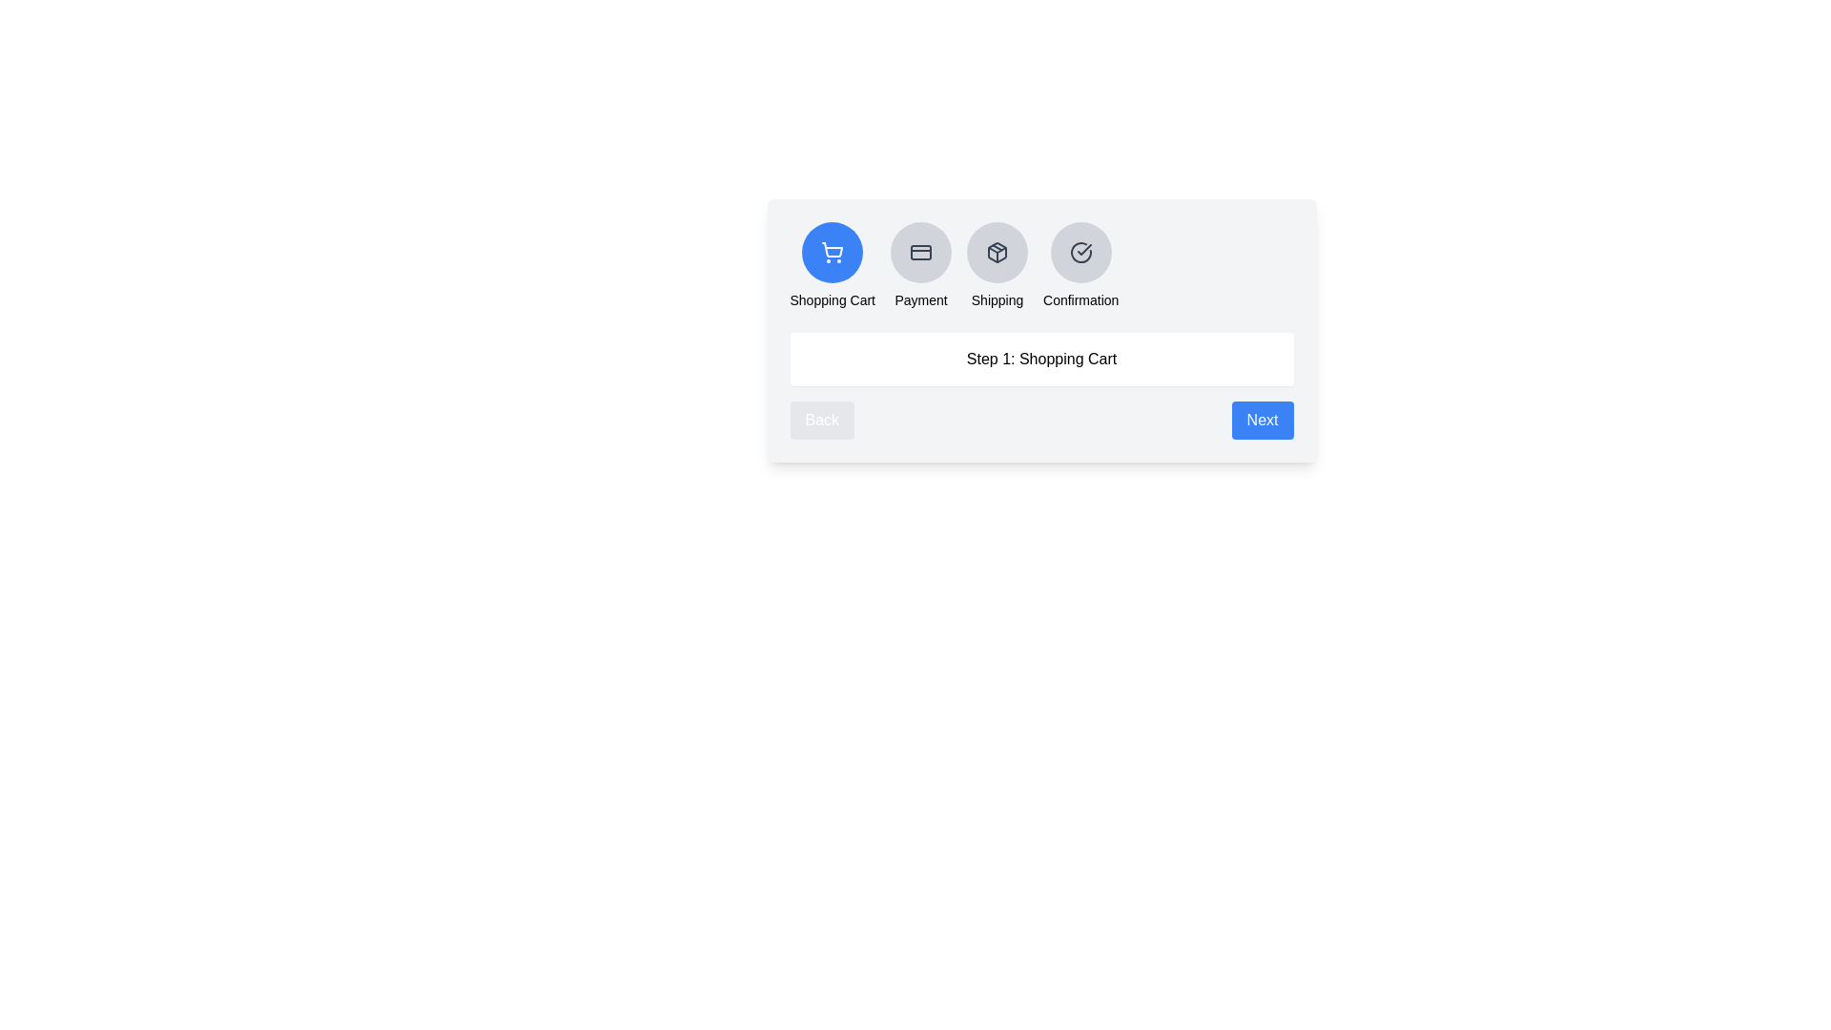 The height and width of the screenshot is (1030, 1831). What do you see at coordinates (997, 252) in the screenshot?
I see `the step icon corresponding to Shipping to observe any hover effects` at bounding box center [997, 252].